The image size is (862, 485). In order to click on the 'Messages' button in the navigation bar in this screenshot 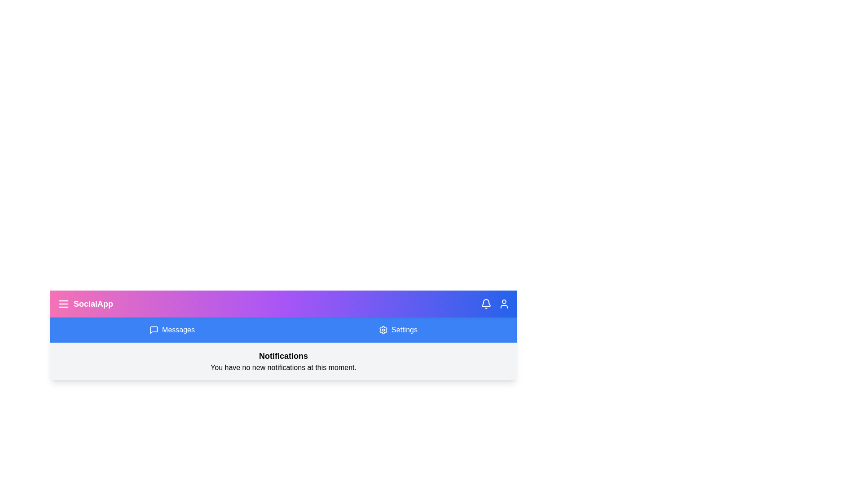, I will do `click(172, 330)`.